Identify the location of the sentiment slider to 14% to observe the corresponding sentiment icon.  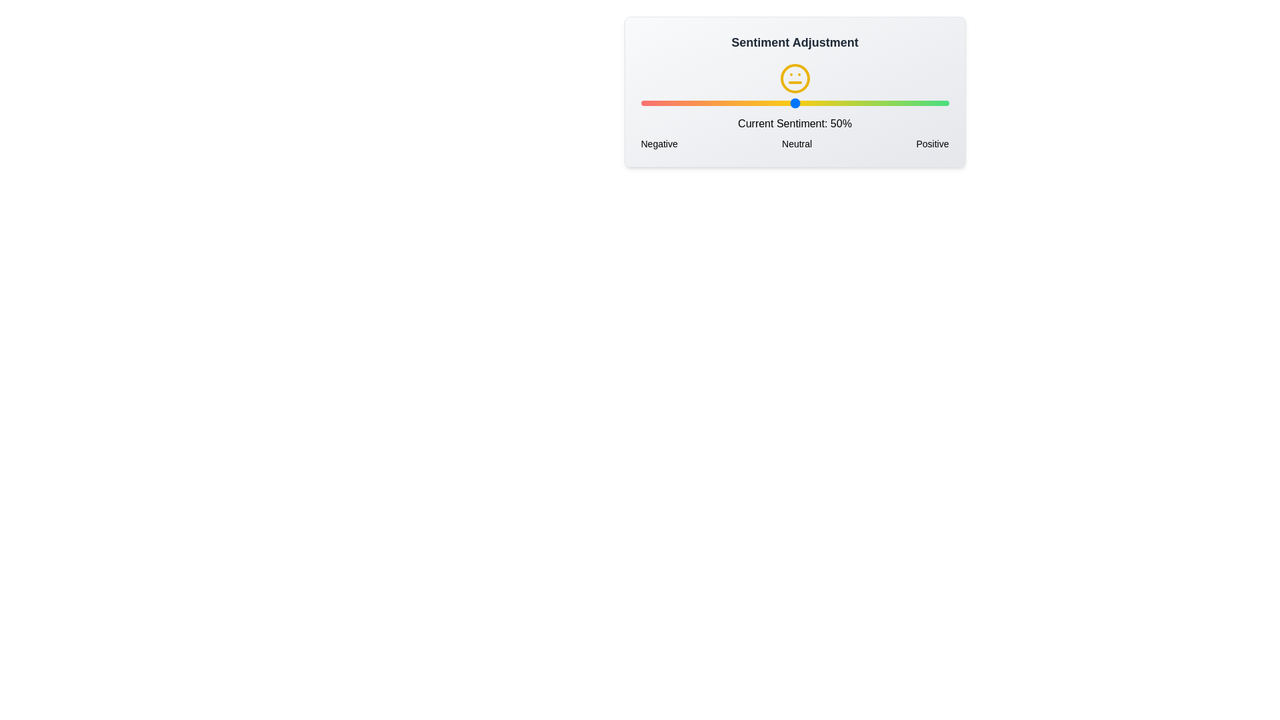
(684, 102).